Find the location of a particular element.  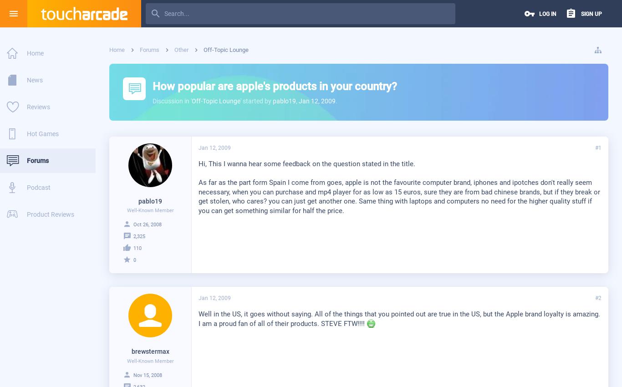

'Log in' is located at coordinates (548, 14).